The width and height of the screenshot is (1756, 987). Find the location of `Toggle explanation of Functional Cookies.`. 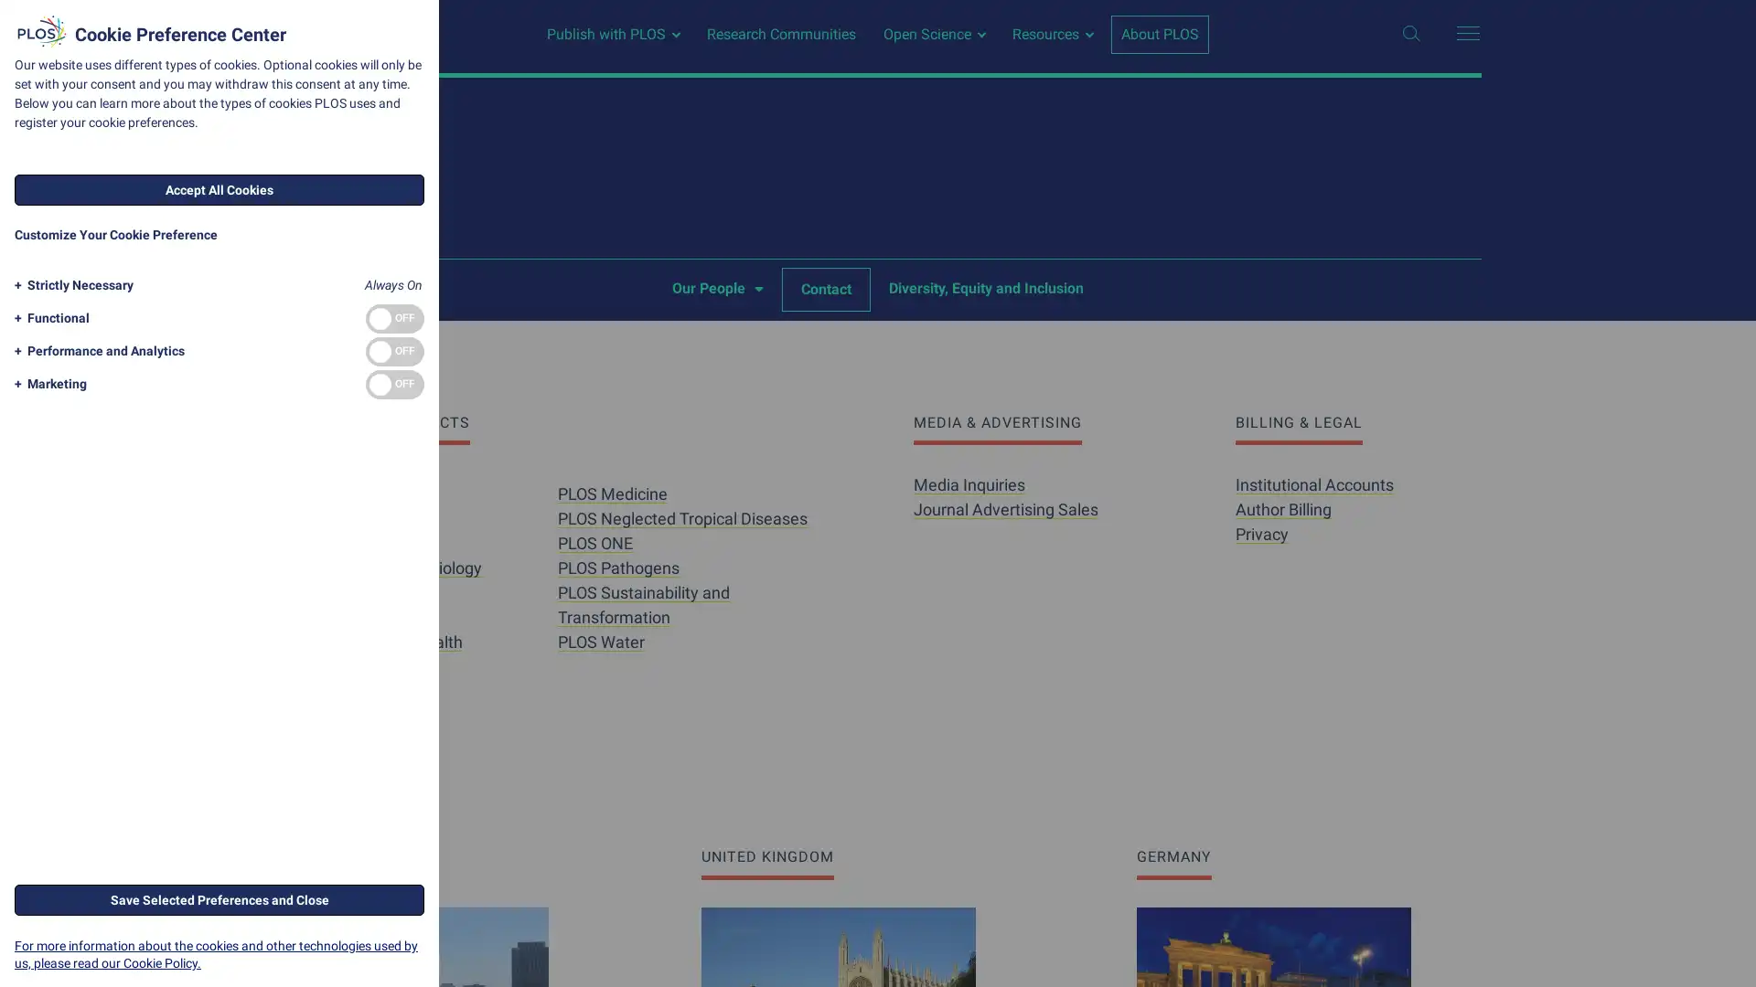

Toggle explanation of Functional Cookies. is located at coordinates (48, 317).